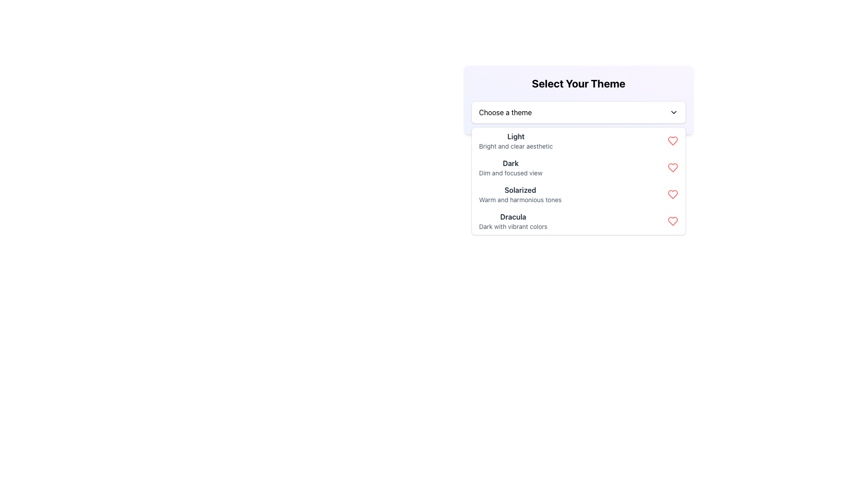  I want to click on the text label displaying 'Solarized' in the dropdown menu titled 'Select Your Theme', which is styled in bold and dark gray color, so click(520, 189).